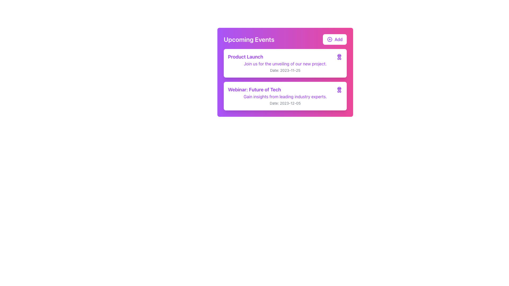  I want to click on the Decorative Icon located to the far-right of the 'Product Launch' section, so click(339, 57).